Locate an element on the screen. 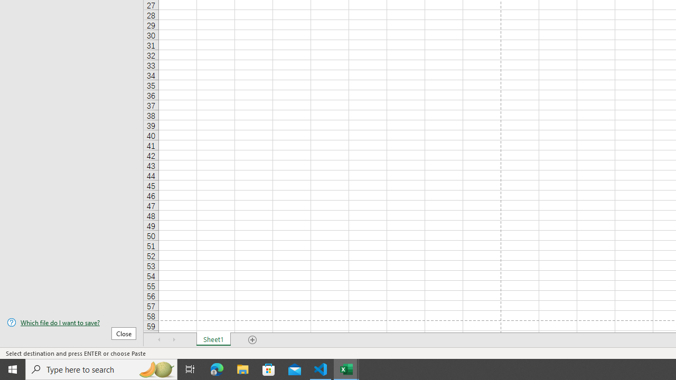  'File Explorer' is located at coordinates (242, 368).